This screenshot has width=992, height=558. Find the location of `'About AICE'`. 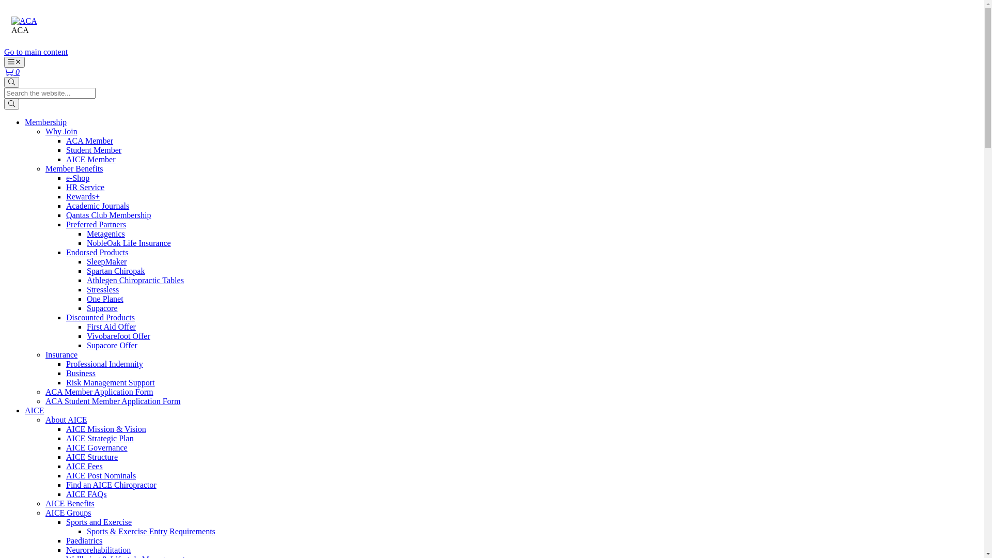

'About AICE' is located at coordinates (66, 420).